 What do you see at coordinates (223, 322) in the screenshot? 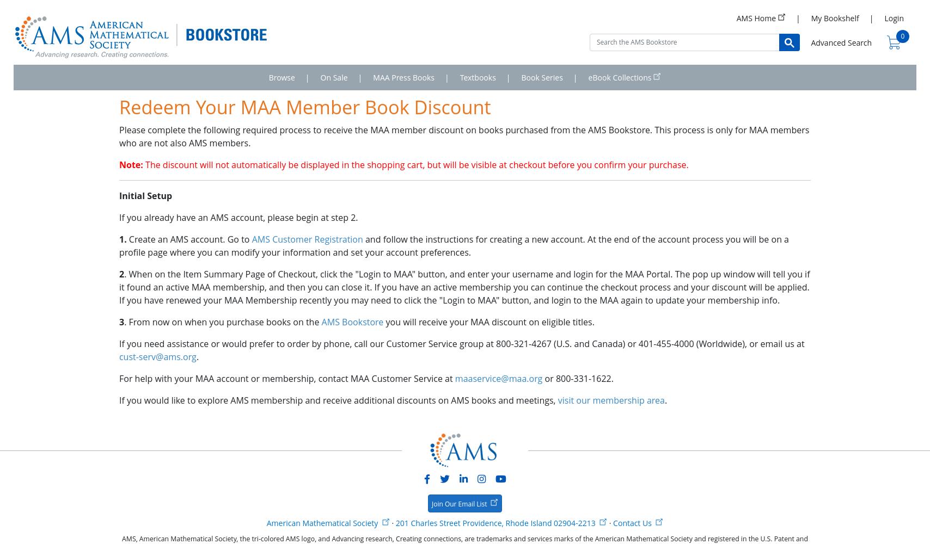
I see `'. From now on when you purchase books on the'` at bounding box center [223, 322].